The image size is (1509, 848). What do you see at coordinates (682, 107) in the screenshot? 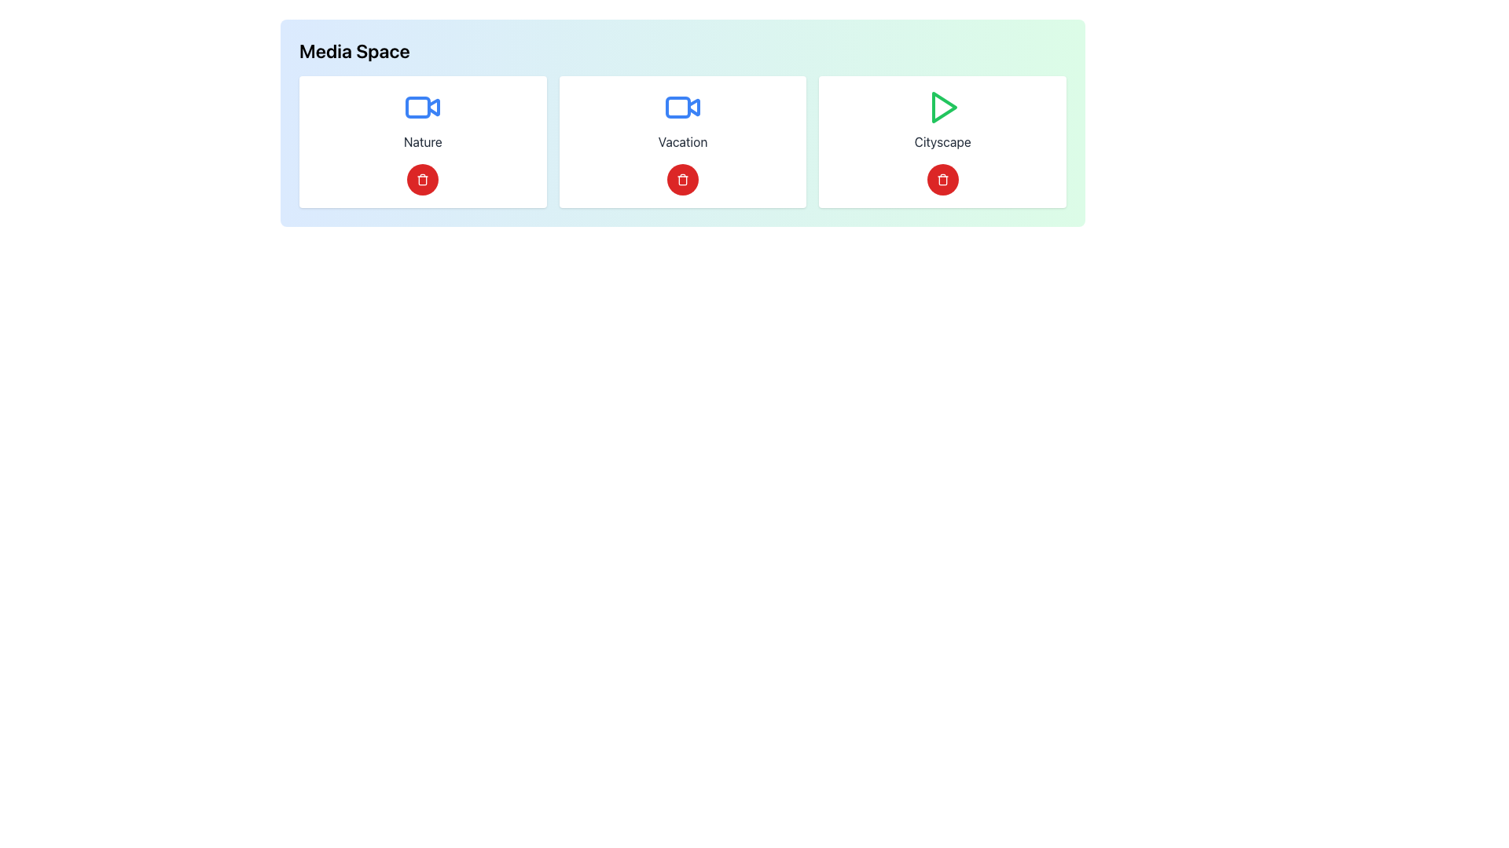
I see `the blue-colored video camera icon located at the top-center of the 'Vacation' card, which features a simplistic design with rounded edges` at bounding box center [682, 107].